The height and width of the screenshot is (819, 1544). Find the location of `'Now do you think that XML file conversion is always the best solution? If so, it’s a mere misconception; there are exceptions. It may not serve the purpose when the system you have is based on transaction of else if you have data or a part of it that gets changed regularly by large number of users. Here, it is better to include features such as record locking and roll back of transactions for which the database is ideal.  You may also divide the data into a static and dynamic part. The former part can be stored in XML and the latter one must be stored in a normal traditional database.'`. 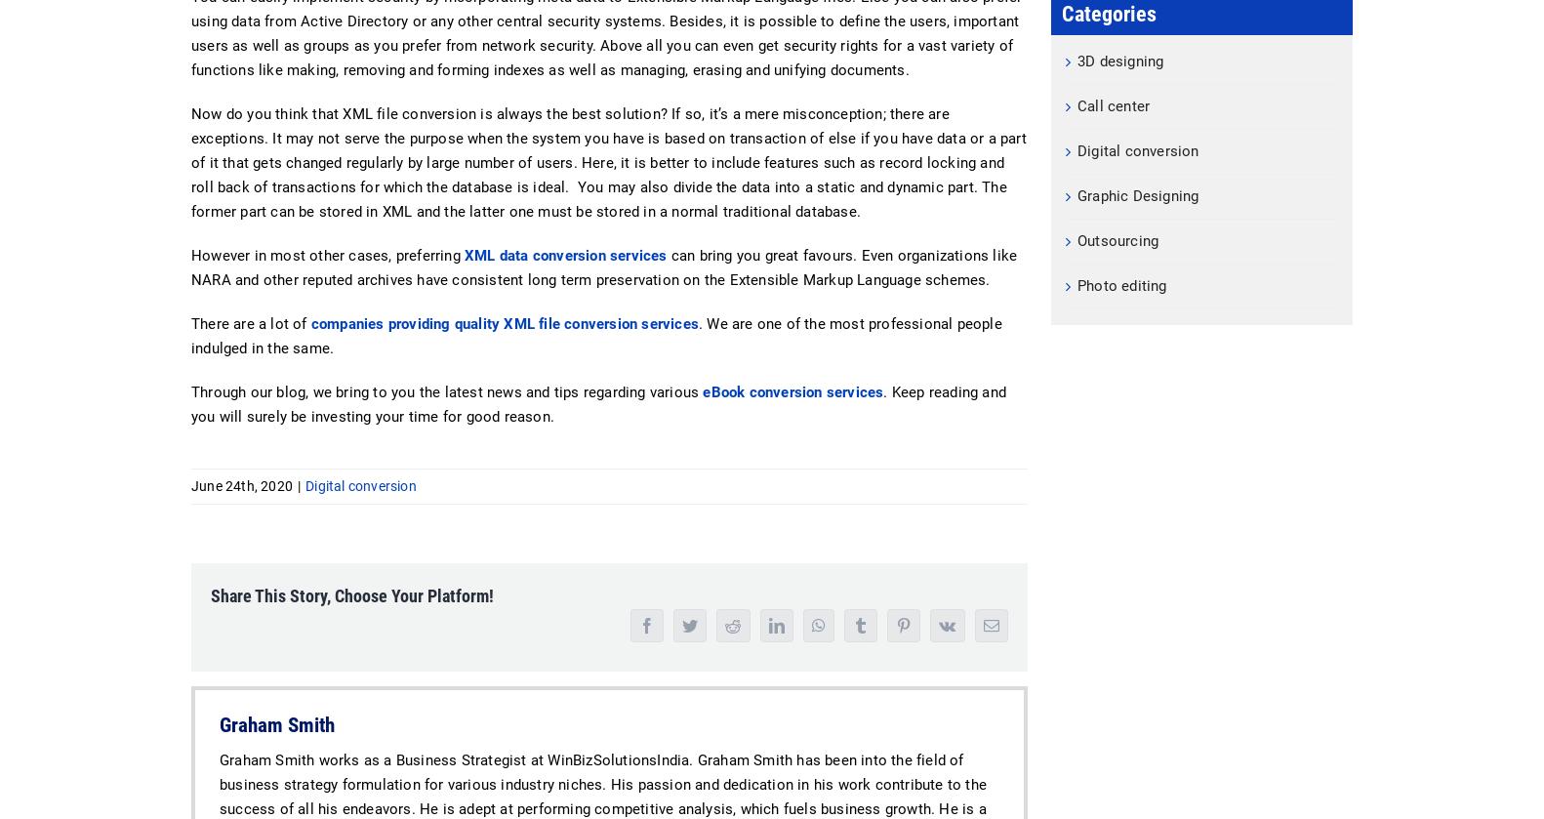

'Now do you think that XML file conversion is always the best solution? If so, it’s a mere misconception; there are exceptions. It may not serve the purpose when the system you have is based on transaction of else if you have data or a part of it that gets changed regularly by large number of users. Here, it is better to include features such as record locking and roll back of transactions for which the database is ideal.  You may also divide the data into a static and dynamic part. The former part can be stored in XML and the latter one must be stored in a normal traditional database.' is located at coordinates (608, 162).